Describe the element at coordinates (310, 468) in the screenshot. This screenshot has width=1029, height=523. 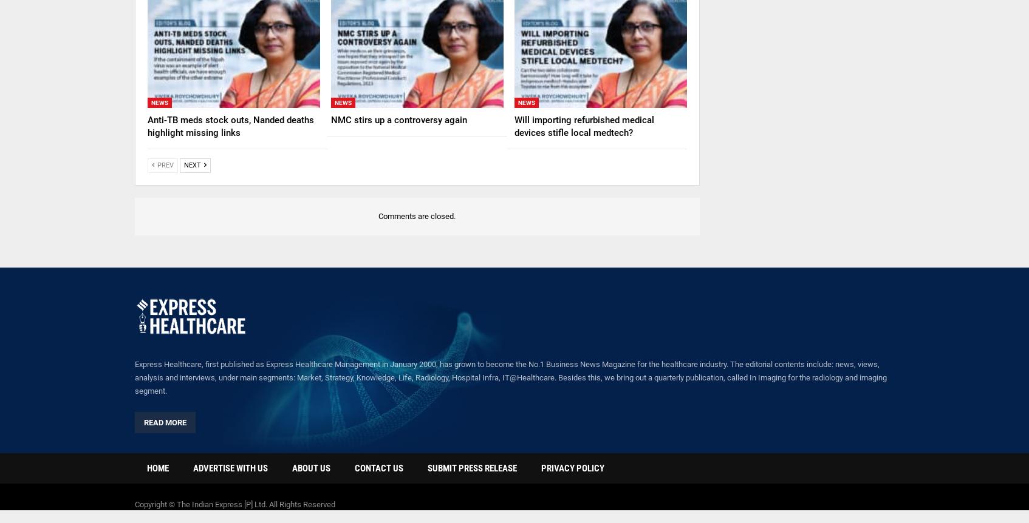
I see `'About Us'` at that location.